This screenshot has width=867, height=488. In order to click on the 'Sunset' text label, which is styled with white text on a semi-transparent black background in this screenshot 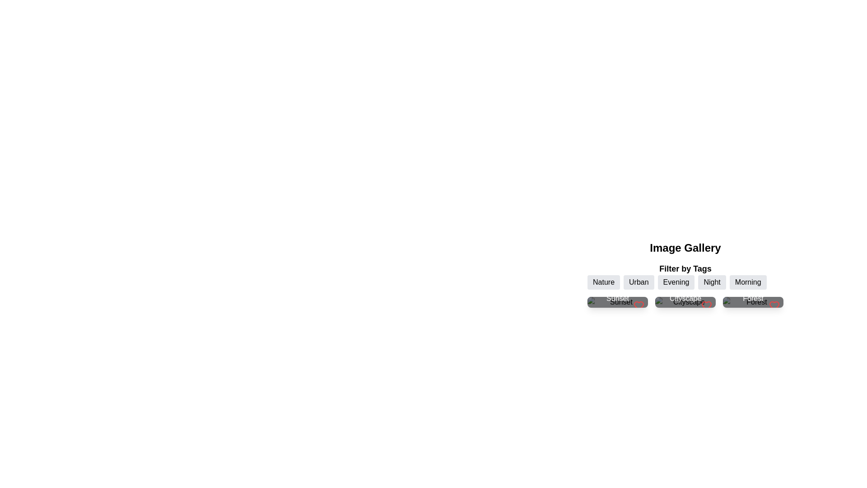, I will do `click(617, 298)`.